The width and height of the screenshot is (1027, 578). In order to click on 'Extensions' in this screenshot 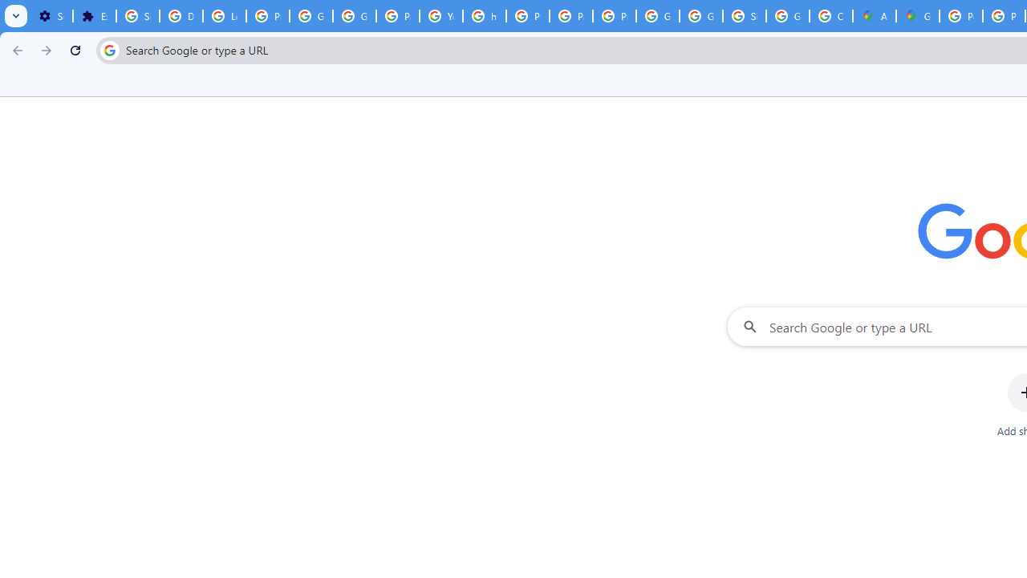, I will do `click(93, 16)`.